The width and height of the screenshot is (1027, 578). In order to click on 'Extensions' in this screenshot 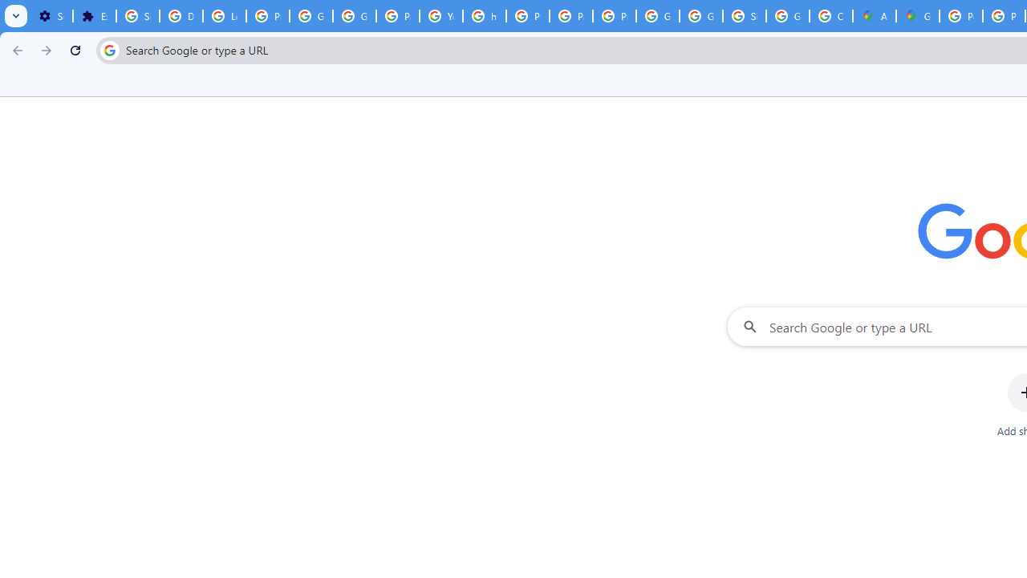, I will do `click(93, 16)`.